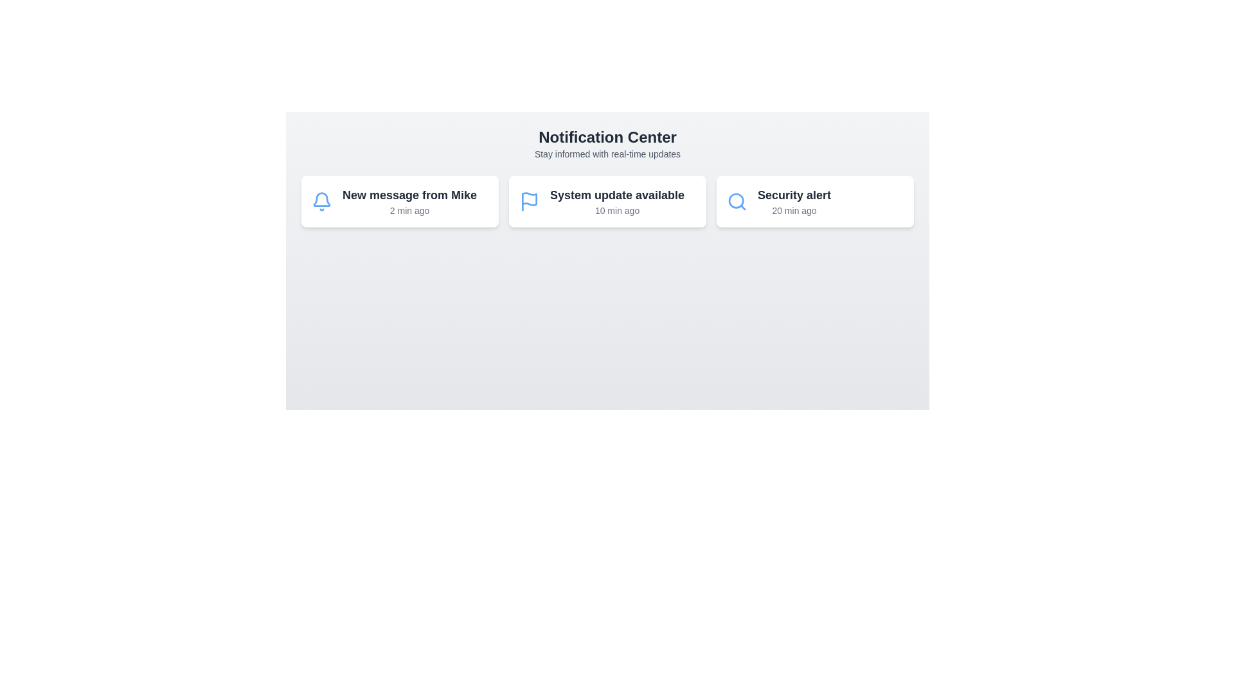 Image resolution: width=1234 pixels, height=694 pixels. What do you see at coordinates (607, 153) in the screenshot?
I see `the descriptive text element that provides contextual information for the 'Notification Center' title` at bounding box center [607, 153].